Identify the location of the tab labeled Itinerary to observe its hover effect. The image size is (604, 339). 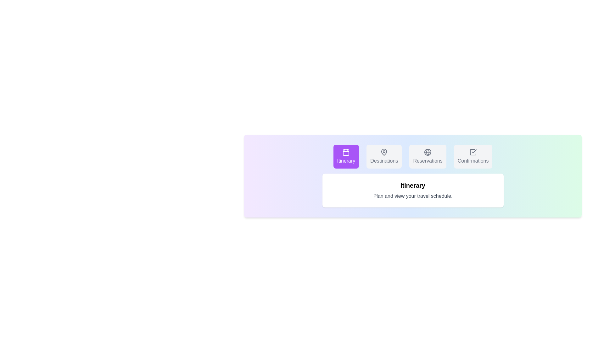
(345, 156).